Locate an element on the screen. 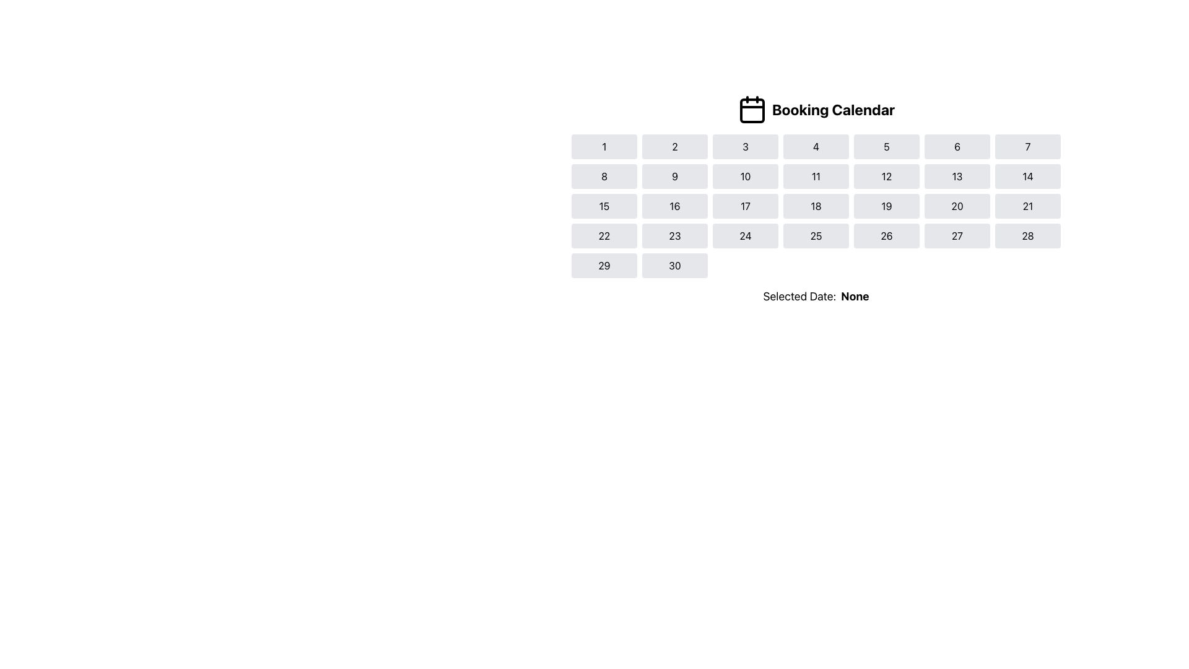  the button labeled '2', which is a light gray rectangular button with rounded edges, displaying the number '2' in bold black font, located under the 'Booking Calendar' label is located at coordinates (674, 146).